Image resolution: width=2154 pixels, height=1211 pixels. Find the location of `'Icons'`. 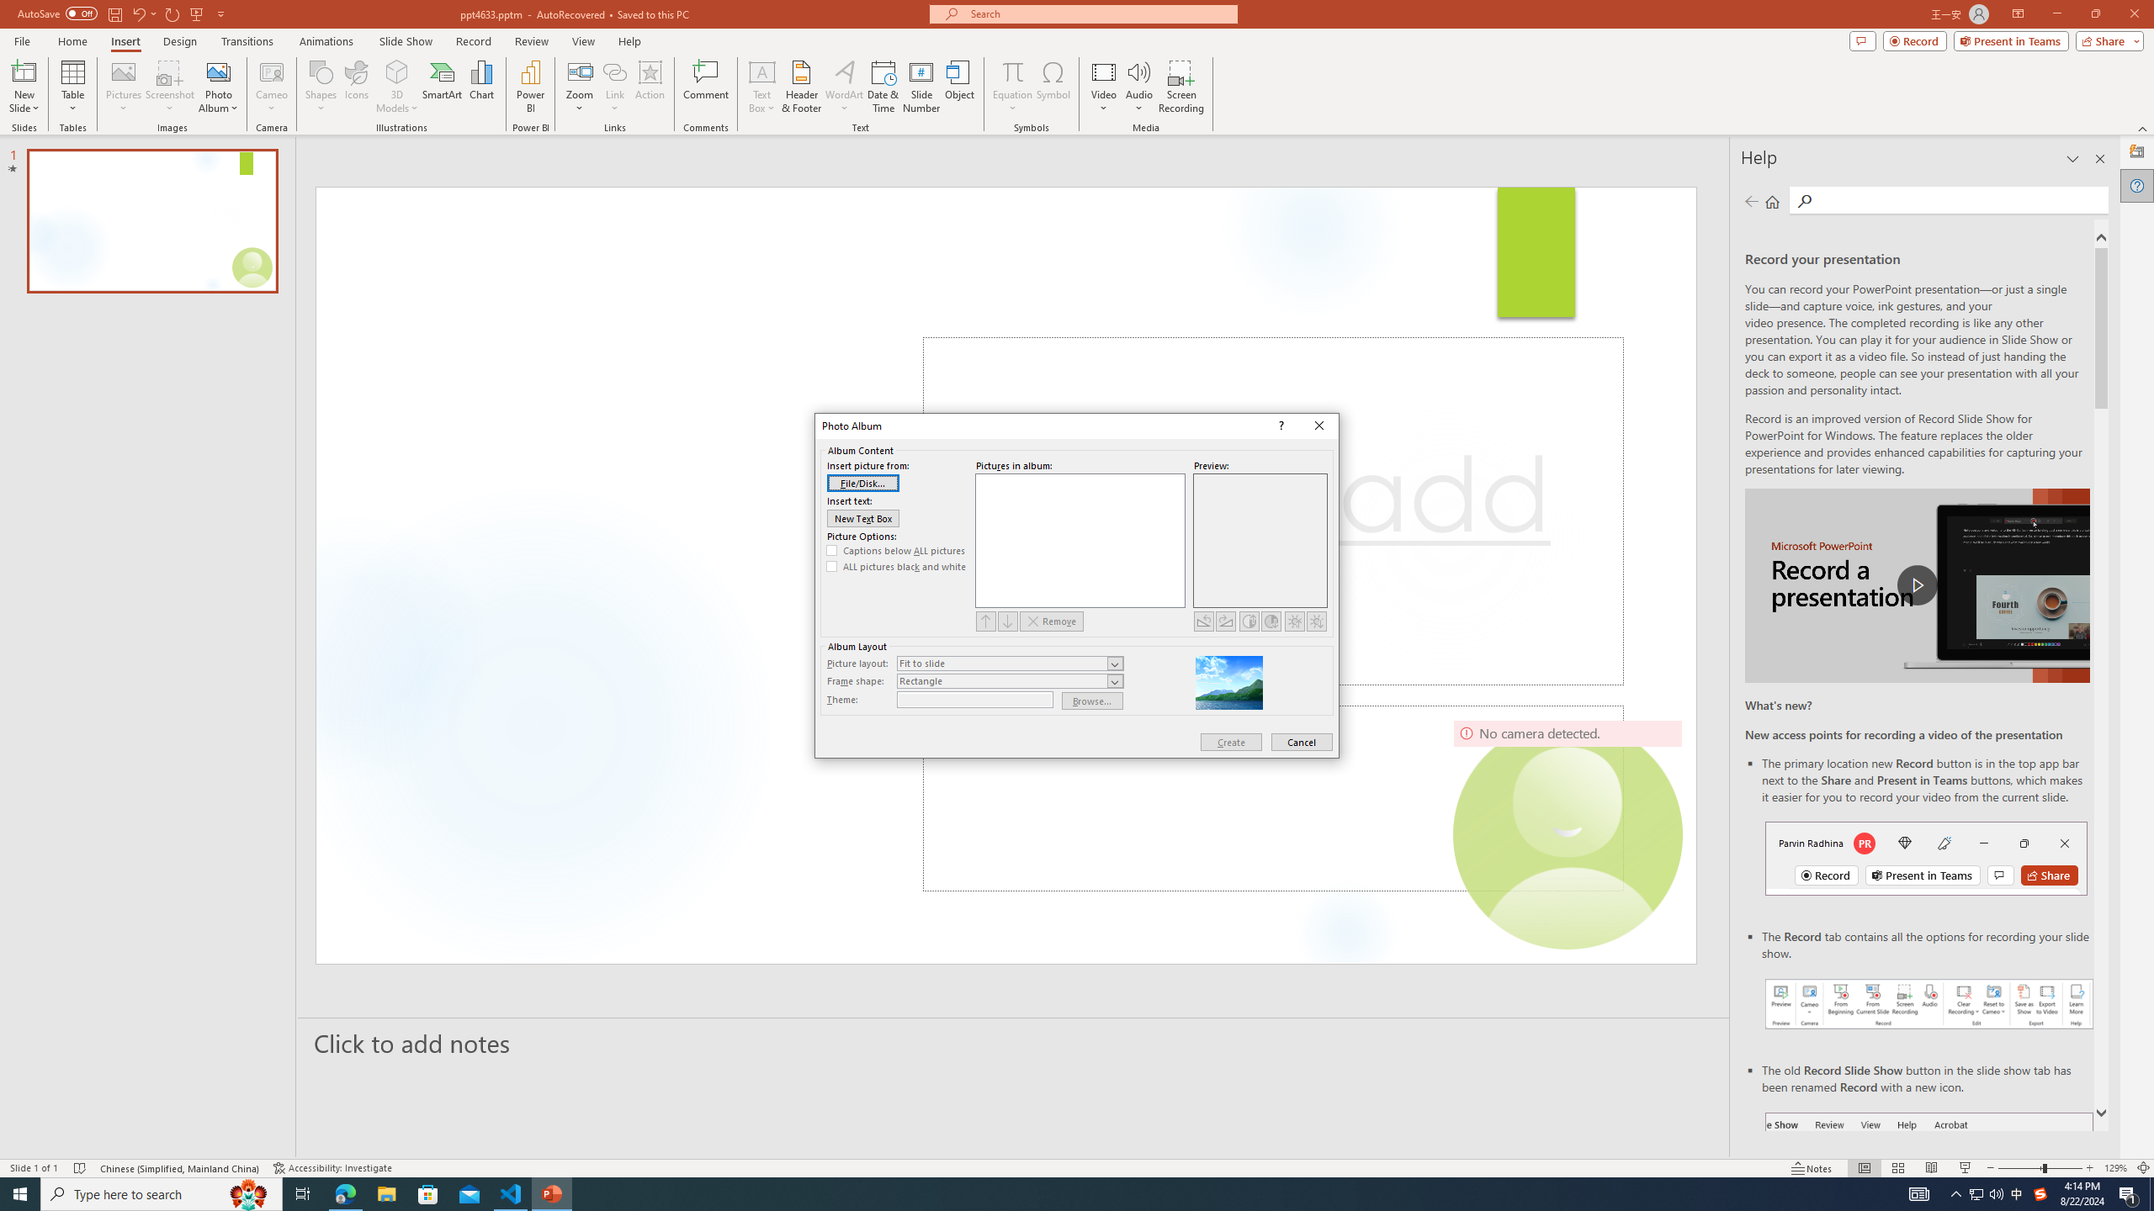

'Icons' is located at coordinates (356, 87).